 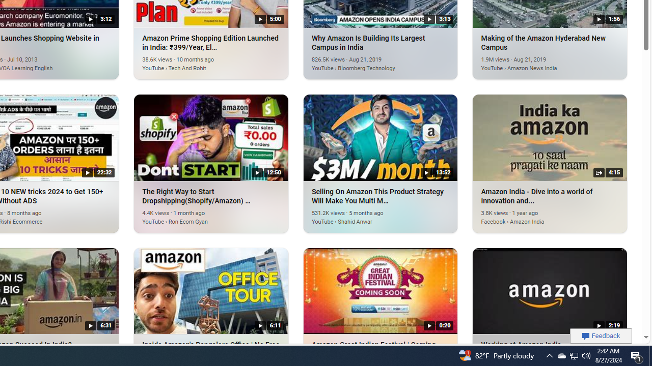 I want to click on 'Working at Amazon India', so click(x=549, y=290).